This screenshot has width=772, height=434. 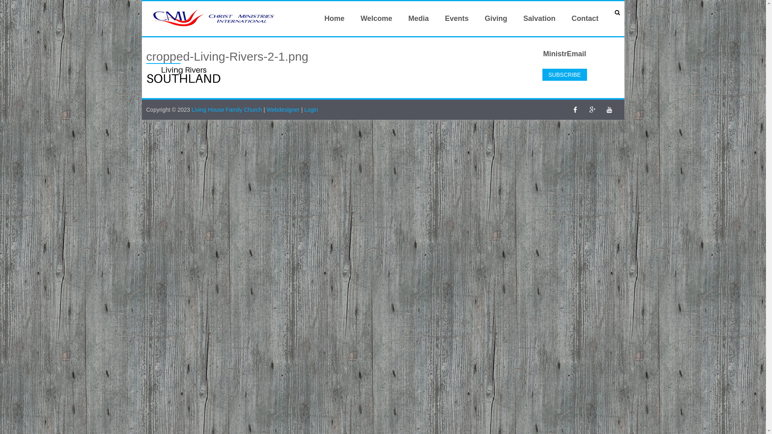 I want to click on 'Home', so click(x=334, y=18).